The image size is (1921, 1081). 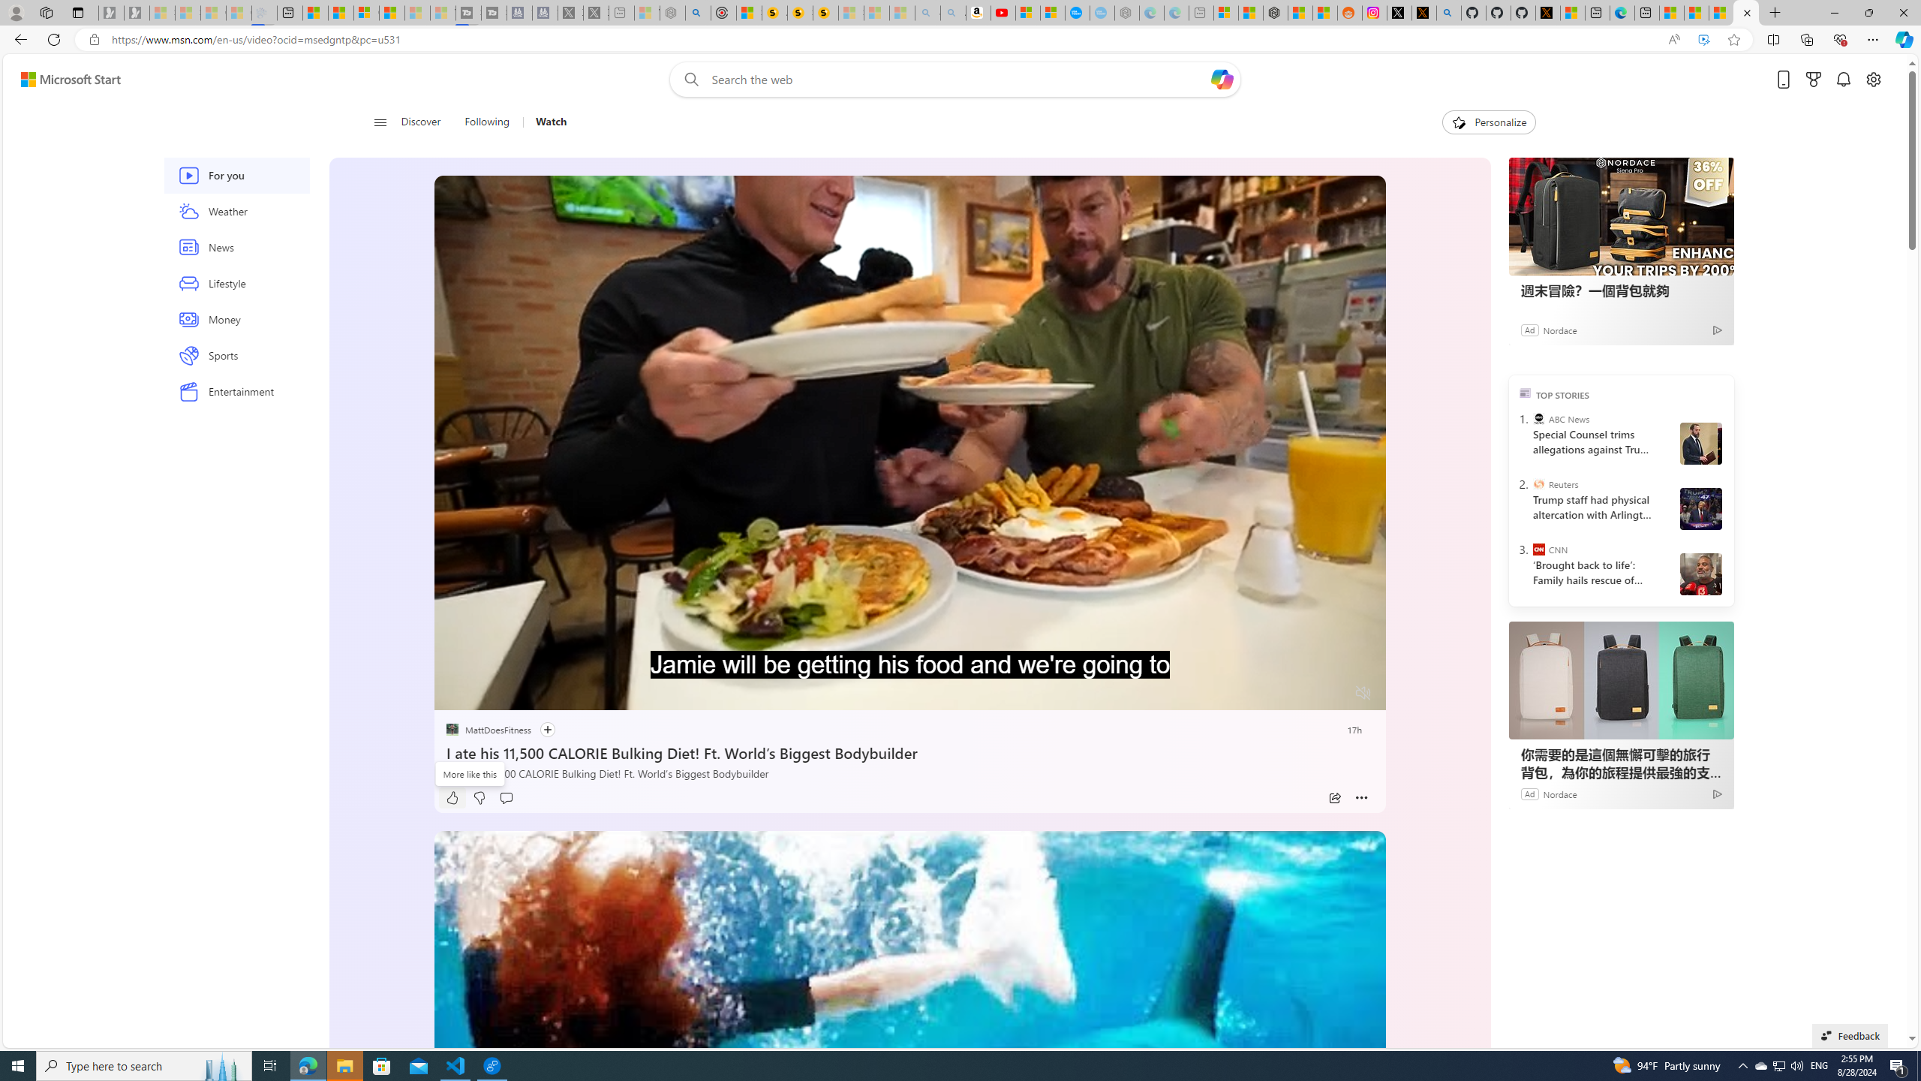 I want to click on 'Seek Back', so click(x=486, y=693).